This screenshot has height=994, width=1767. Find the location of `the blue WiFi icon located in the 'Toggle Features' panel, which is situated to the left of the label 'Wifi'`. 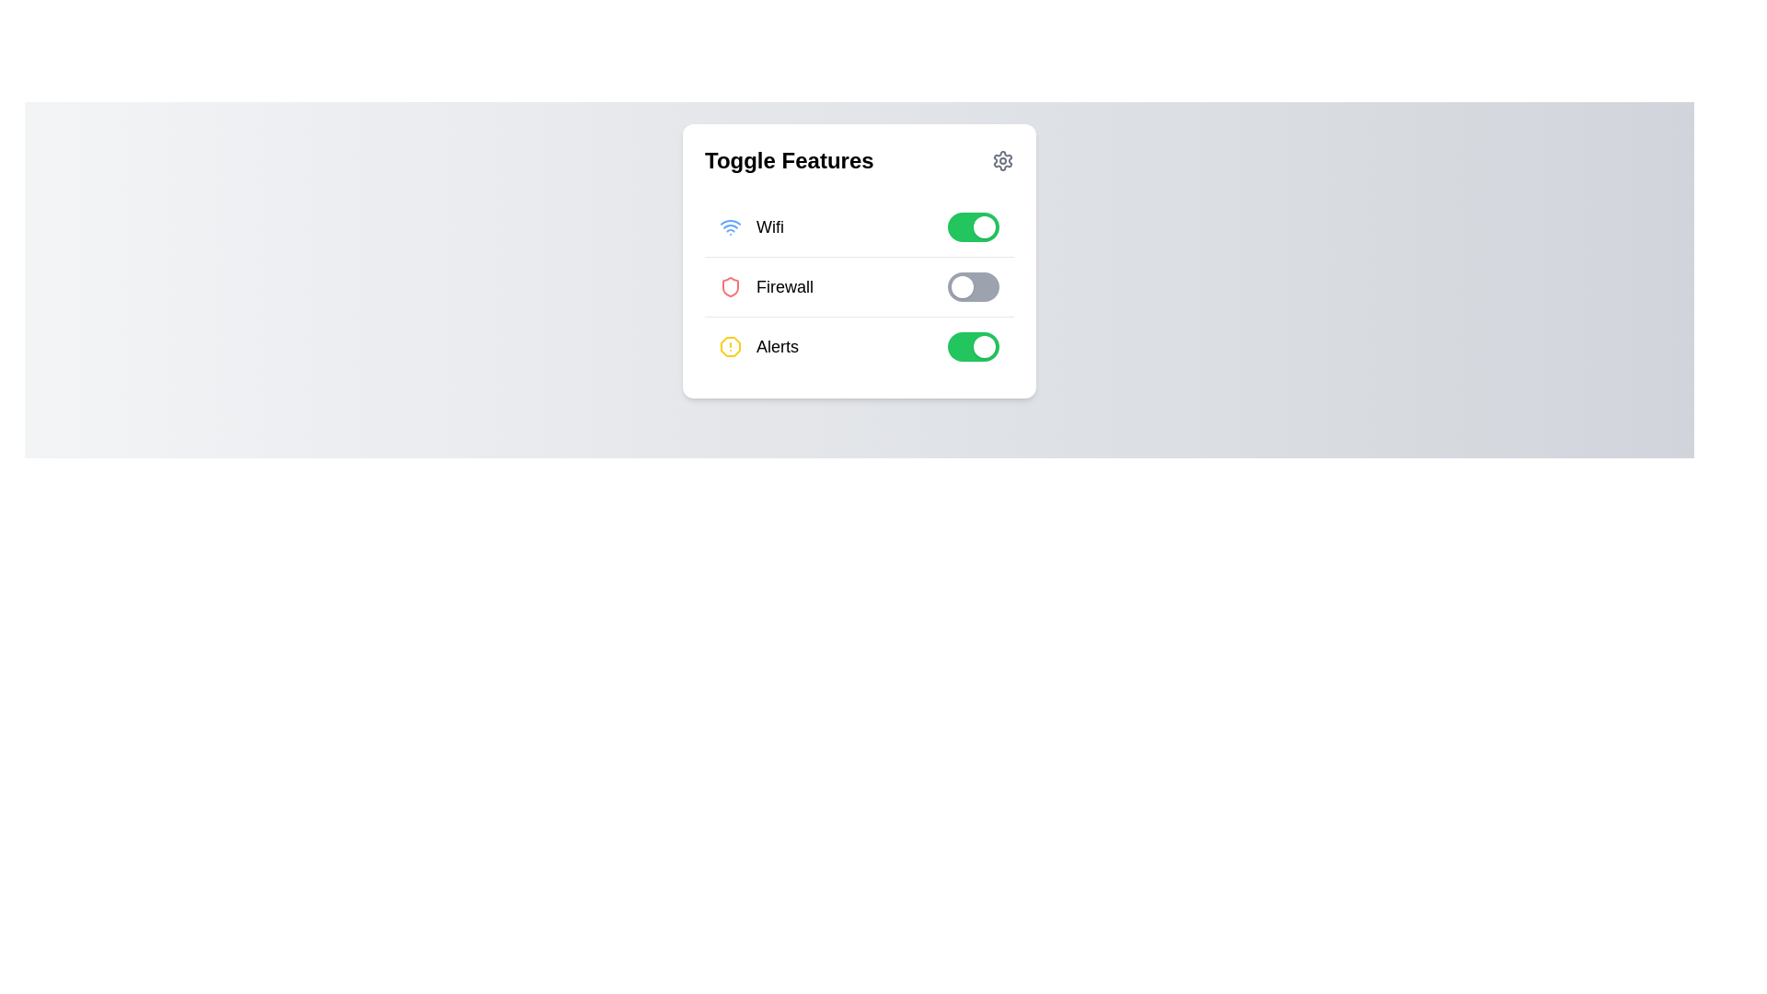

the blue WiFi icon located in the 'Toggle Features' panel, which is situated to the left of the label 'Wifi' is located at coordinates (729, 225).